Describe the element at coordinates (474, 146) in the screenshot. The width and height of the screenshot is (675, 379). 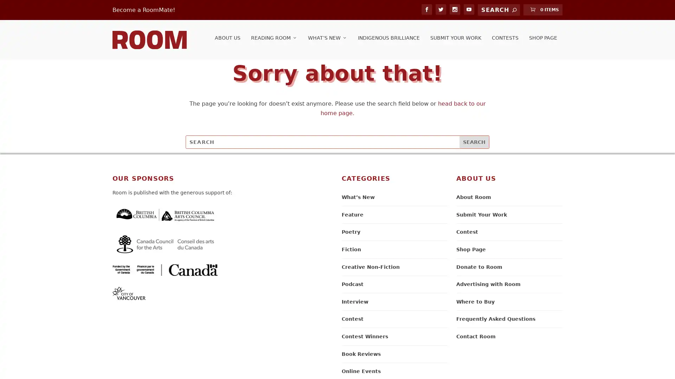
I see `Search` at that location.